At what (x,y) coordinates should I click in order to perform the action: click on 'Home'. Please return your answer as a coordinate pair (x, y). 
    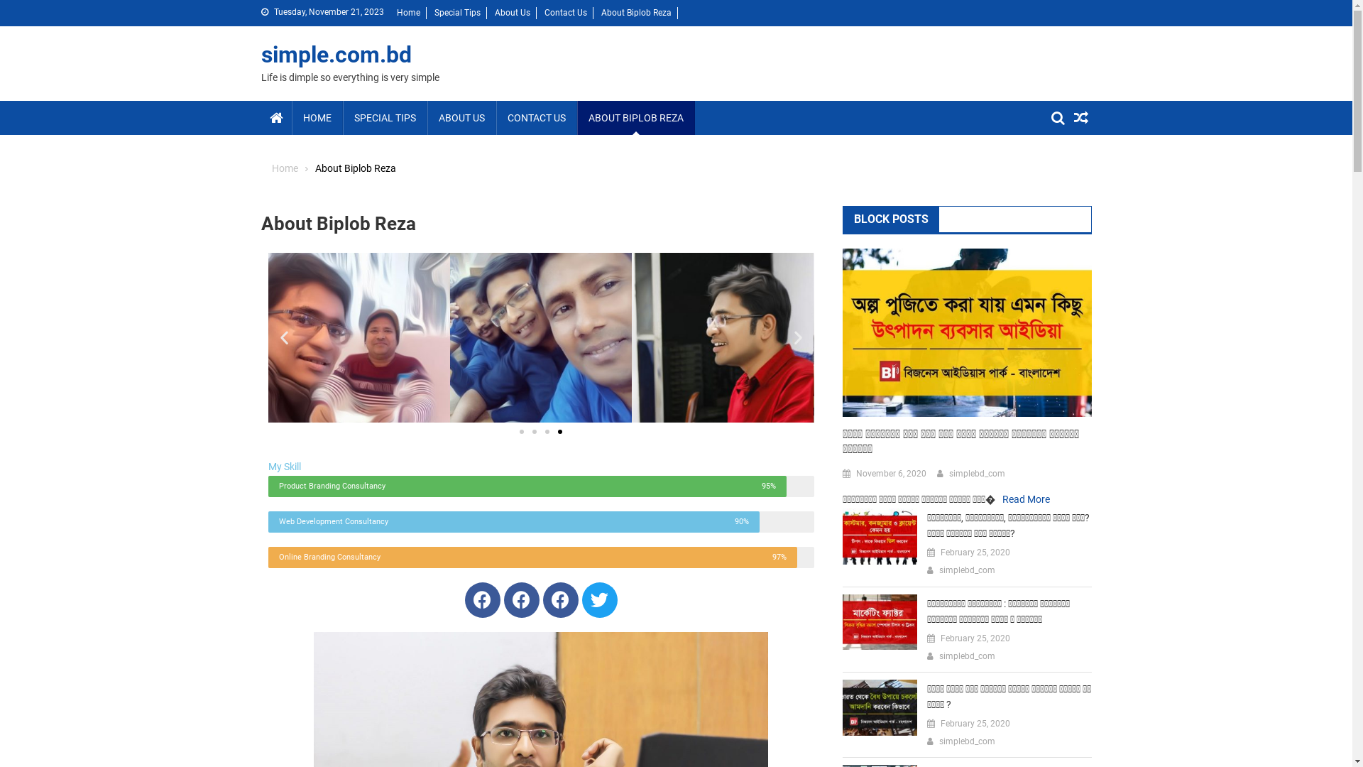
    Looking at the image, I should click on (284, 167).